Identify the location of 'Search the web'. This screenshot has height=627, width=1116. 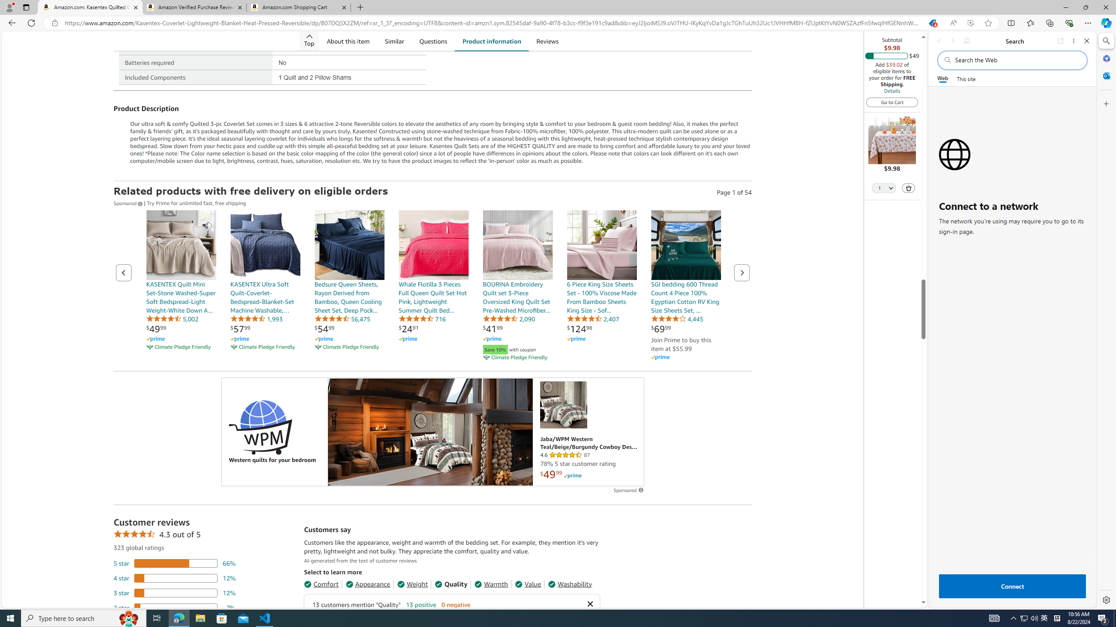
(1016, 60).